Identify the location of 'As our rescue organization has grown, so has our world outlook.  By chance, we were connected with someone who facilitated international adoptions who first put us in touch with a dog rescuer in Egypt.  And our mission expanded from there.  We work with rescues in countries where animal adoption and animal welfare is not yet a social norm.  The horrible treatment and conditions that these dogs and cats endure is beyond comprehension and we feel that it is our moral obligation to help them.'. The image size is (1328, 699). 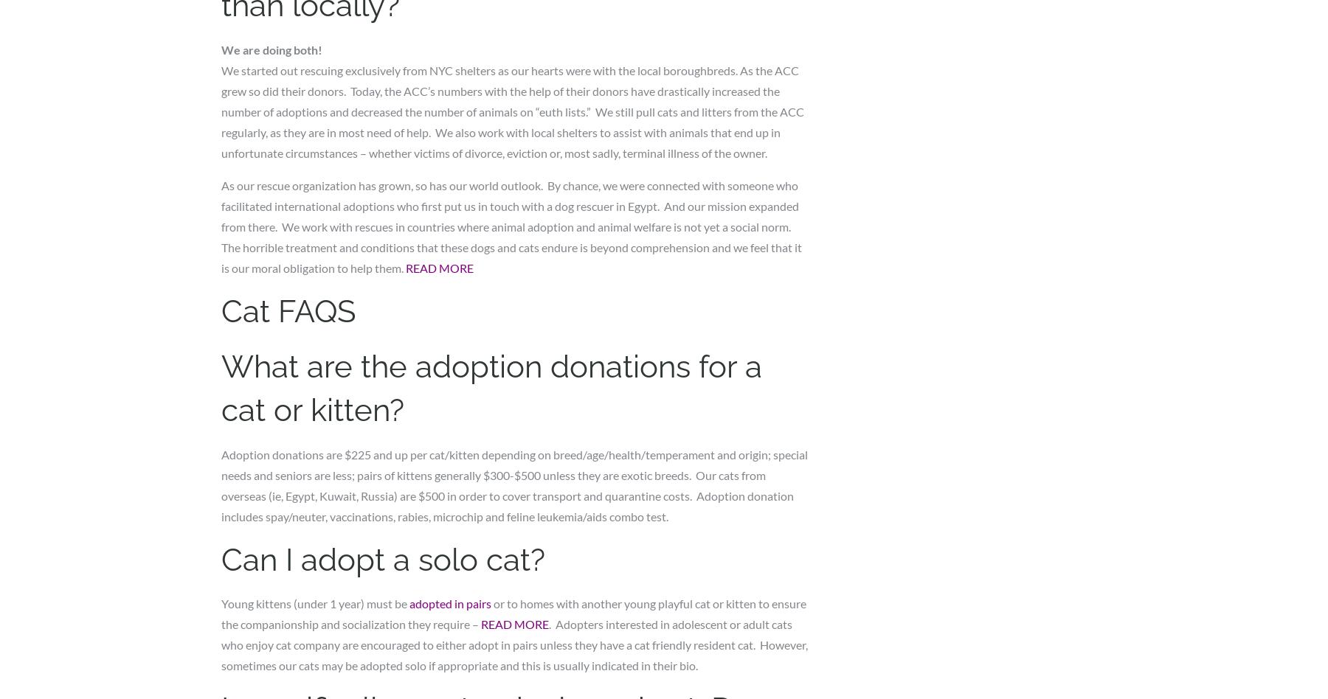
(221, 226).